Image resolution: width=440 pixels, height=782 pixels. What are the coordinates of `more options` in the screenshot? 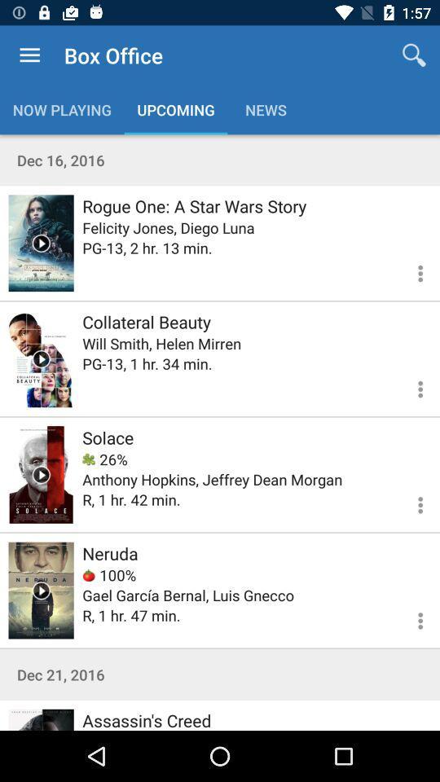 It's located at (410, 502).